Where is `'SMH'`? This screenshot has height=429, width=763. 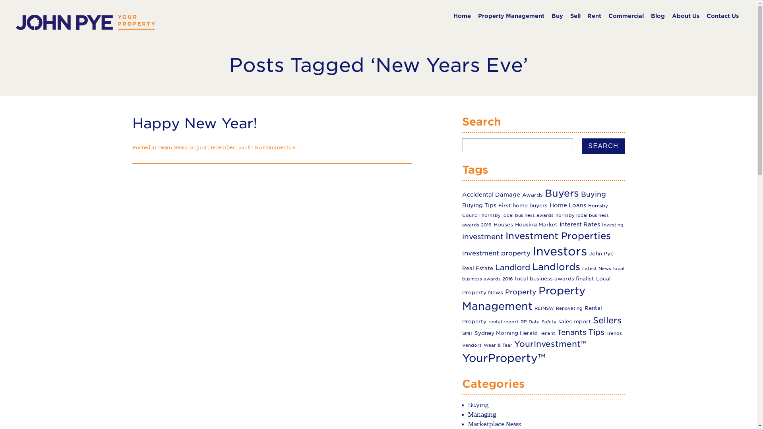 'SMH' is located at coordinates (467, 333).